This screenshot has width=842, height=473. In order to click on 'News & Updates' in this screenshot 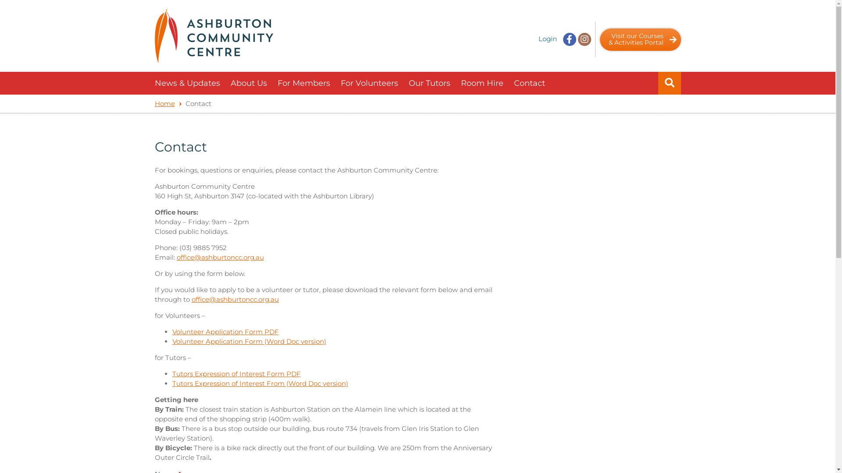, I will do `click(186, 83)`.